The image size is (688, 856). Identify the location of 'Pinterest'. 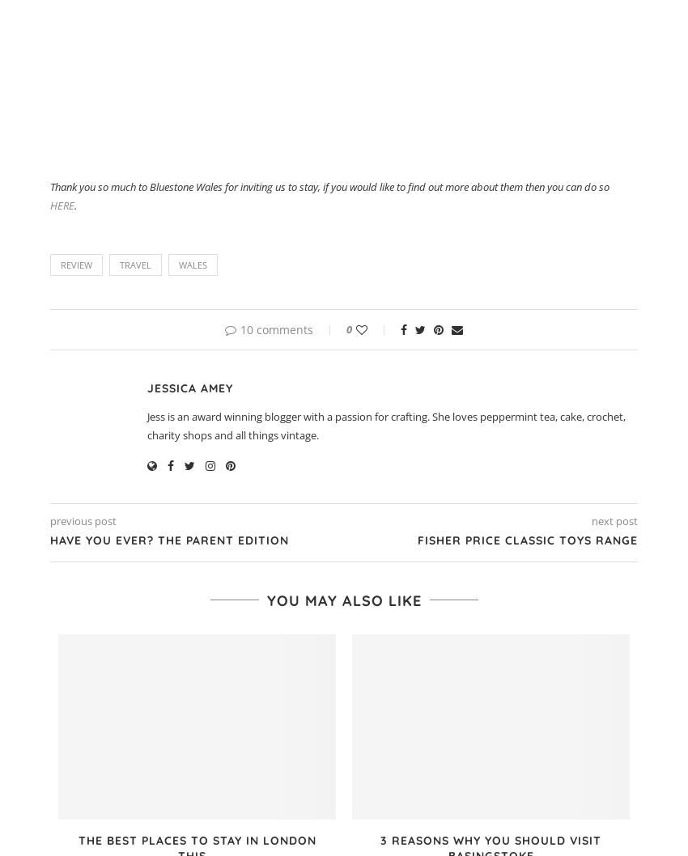
(437, 363).